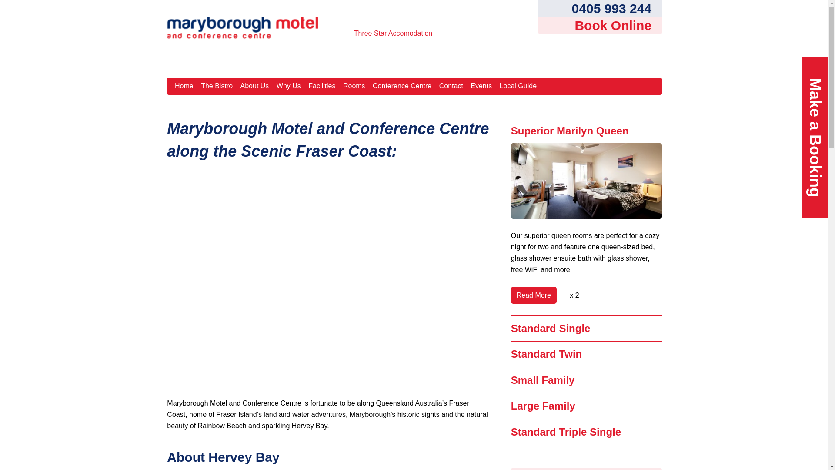 Image resolution: width=835 pixels, height=470 pixels. What do you see at coordinates (599, 25) in the screenshot?
I see `'Book Online'` at bounding box center [599, 25].